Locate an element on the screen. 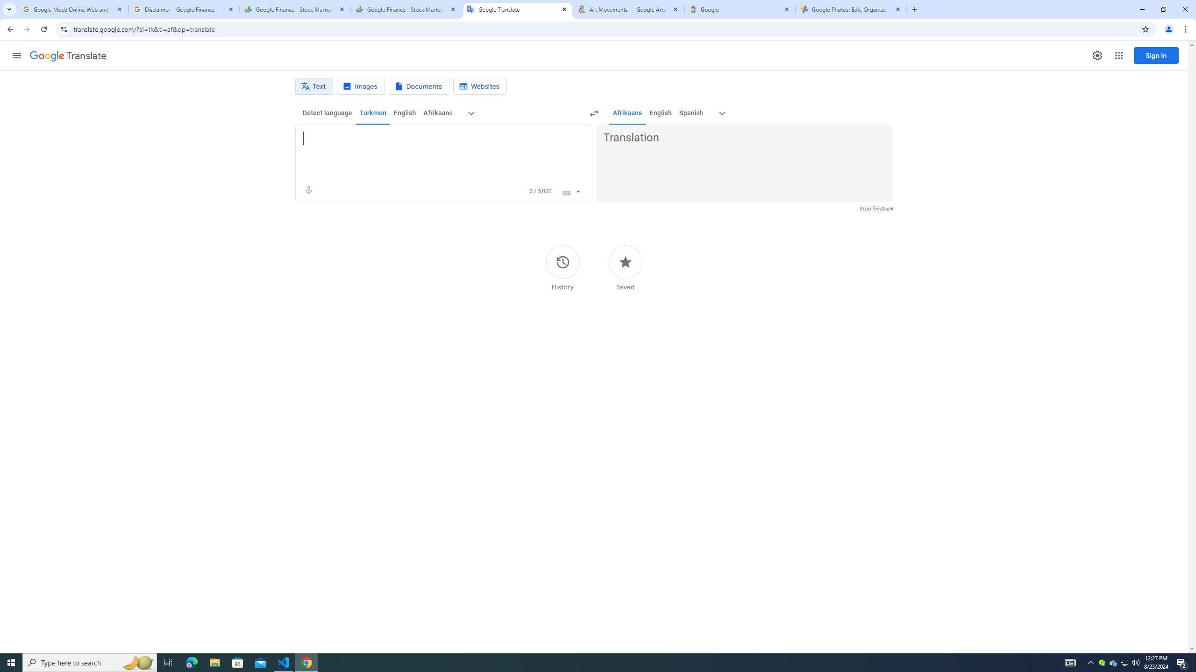 The height and width of the screenshot is (672, 1196). 'Detect language' is located at coordinates (327, 112).